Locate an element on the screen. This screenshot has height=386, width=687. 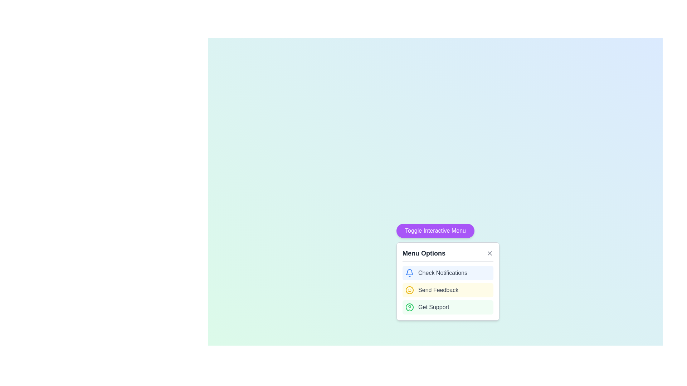
the 'Send Feedback' button, which features a yellow face emoticon icon and gray text, located in the middle of the dropdown panel is located at coordinates (448, 290).